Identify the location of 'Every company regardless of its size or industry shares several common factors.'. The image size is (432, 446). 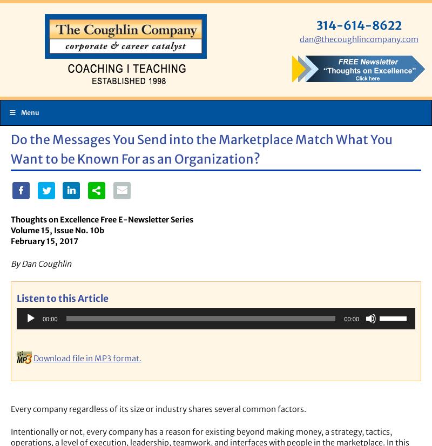
(158, 409).